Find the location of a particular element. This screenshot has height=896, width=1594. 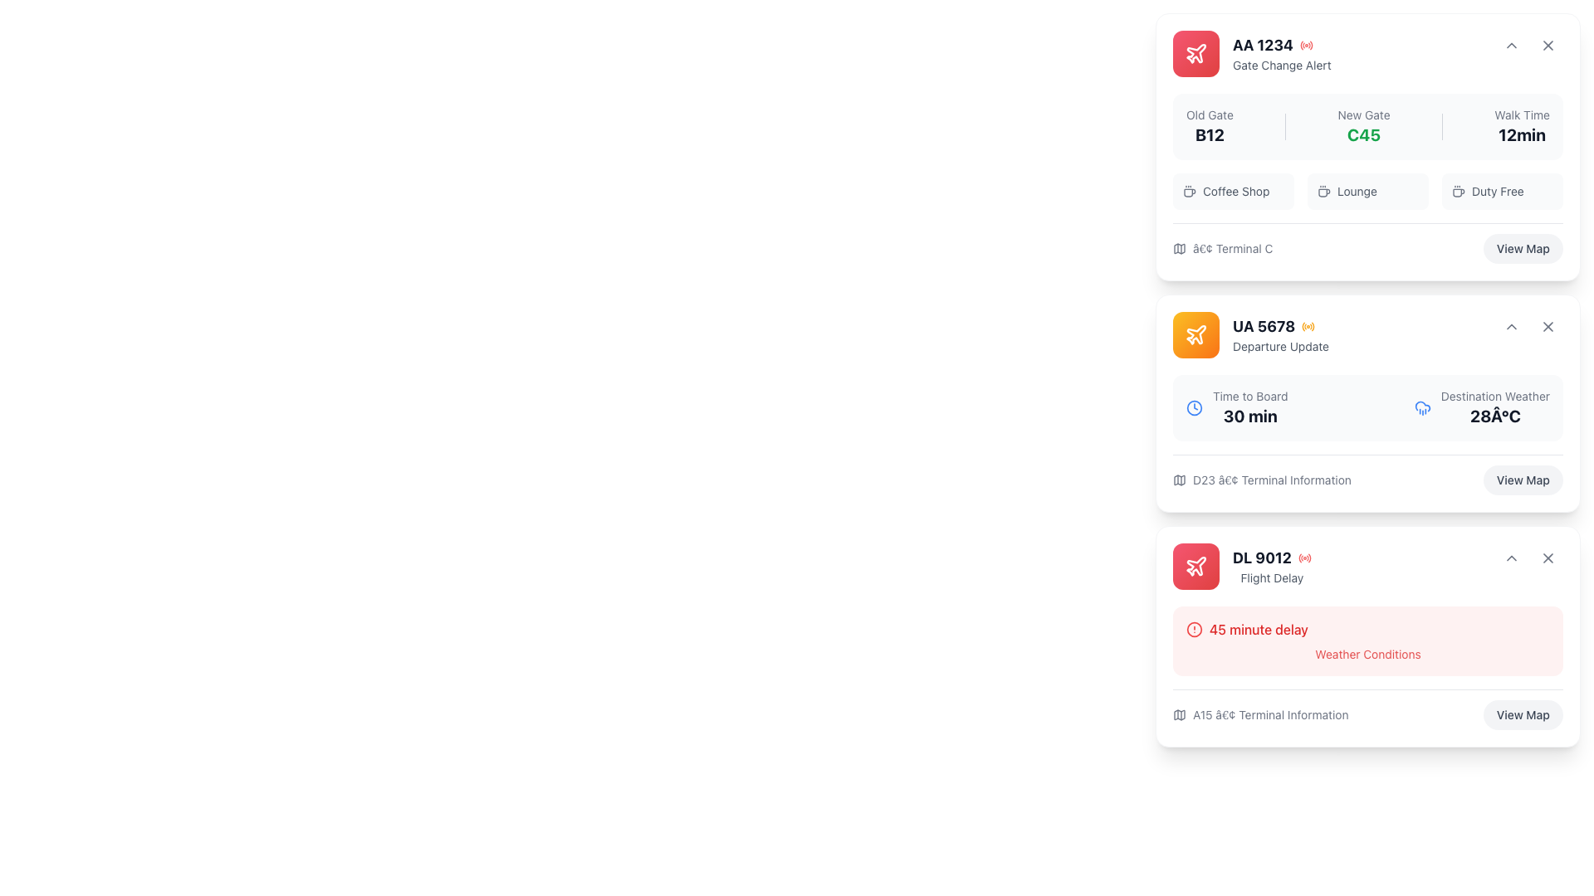

the chevron button located at the top-right corner of the notification card for flight UA 5678 is located at coordinates (1511, 326).